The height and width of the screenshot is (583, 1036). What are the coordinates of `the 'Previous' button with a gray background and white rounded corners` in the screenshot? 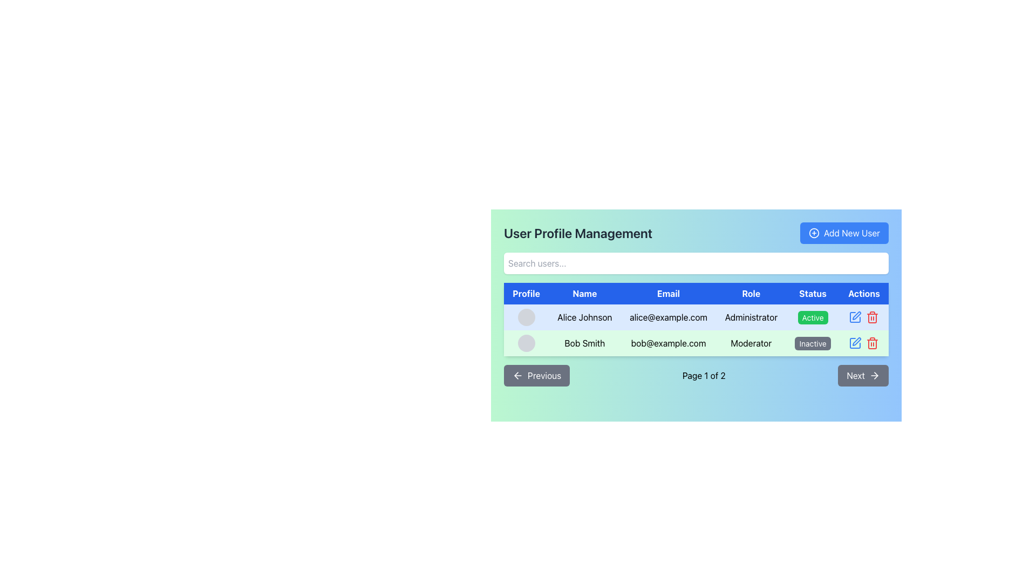 It's located at (537, 375).